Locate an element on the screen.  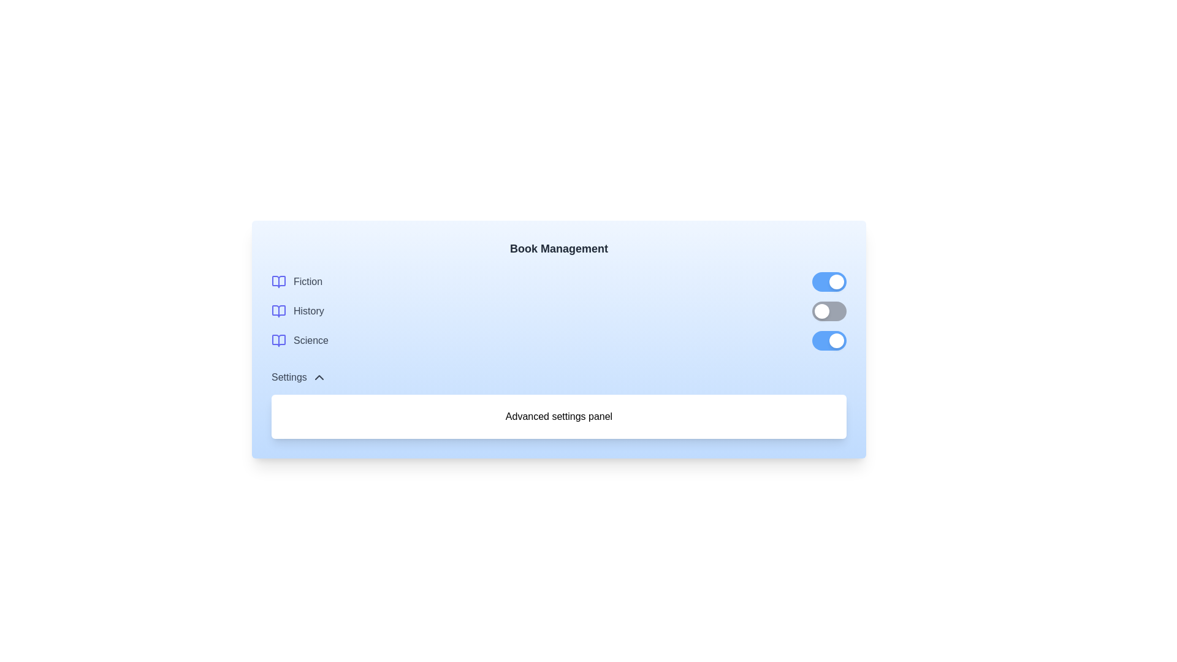
the 'Settings' button to toggle the advanced settings panel is located at coordinates (299, 377).